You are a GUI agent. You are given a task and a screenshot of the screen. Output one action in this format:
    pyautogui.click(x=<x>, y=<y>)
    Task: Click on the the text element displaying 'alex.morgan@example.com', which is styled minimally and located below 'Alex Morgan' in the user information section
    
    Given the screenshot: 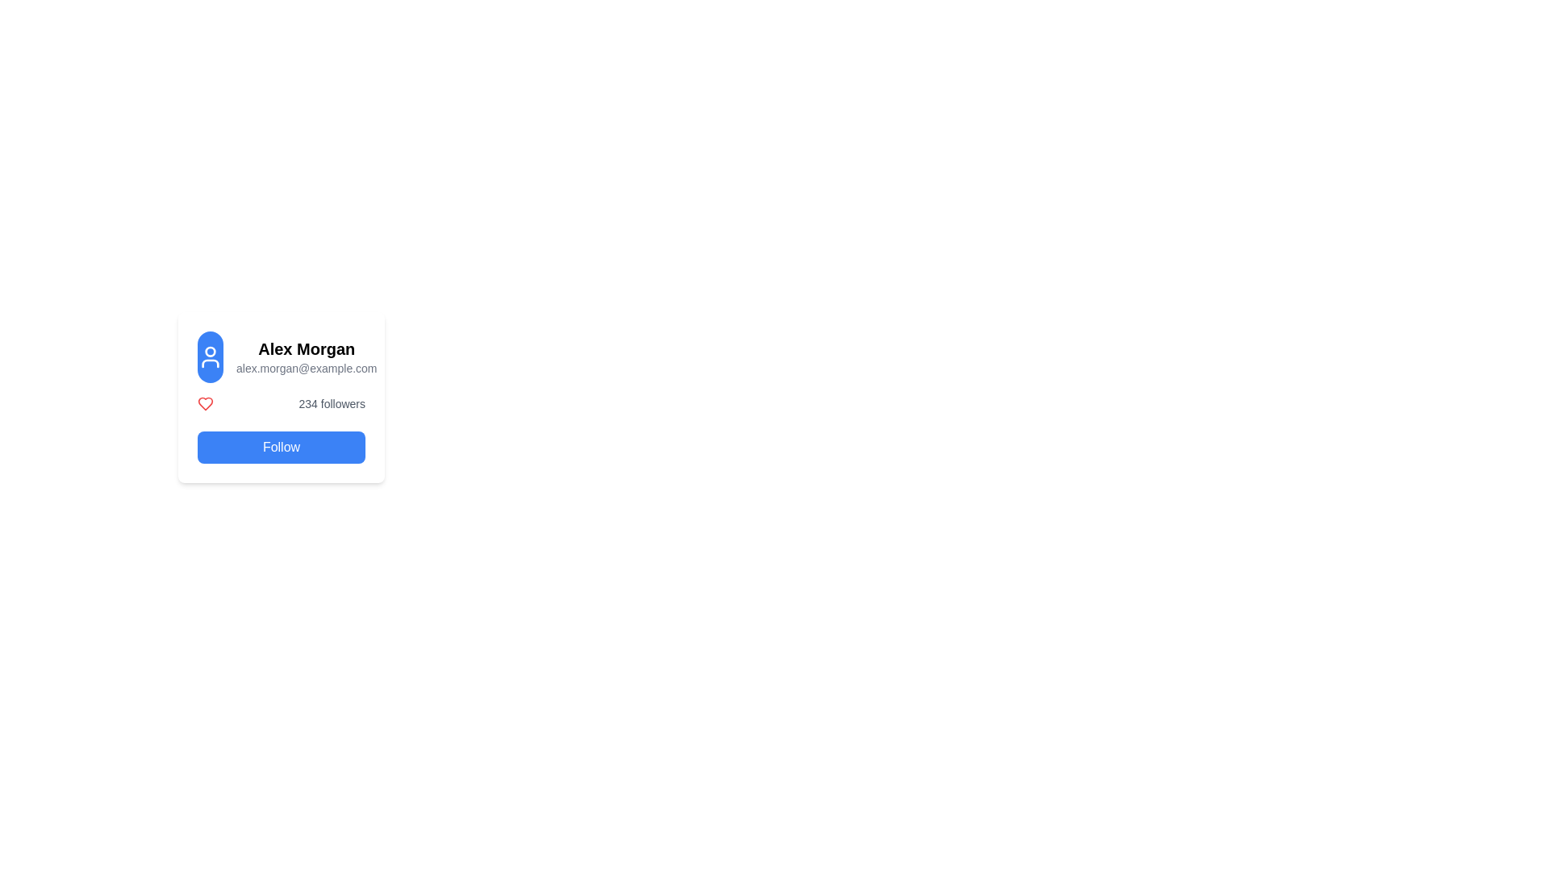 What is the action you would take?
    pyautogui.click(x=307, y=368)
    